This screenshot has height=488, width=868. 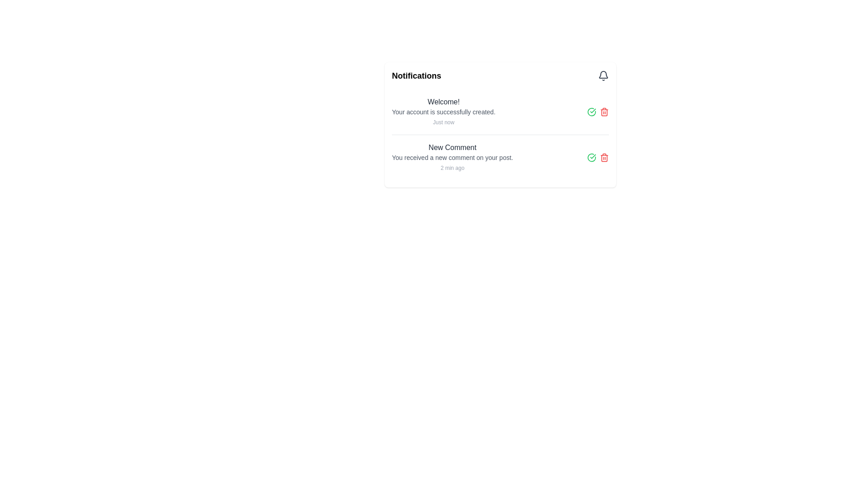 I want to click on time information from the Text label indicating the time of the notification event located in the notification panel under the text 'Your account is successfully created.', so click(x=443, y=122).